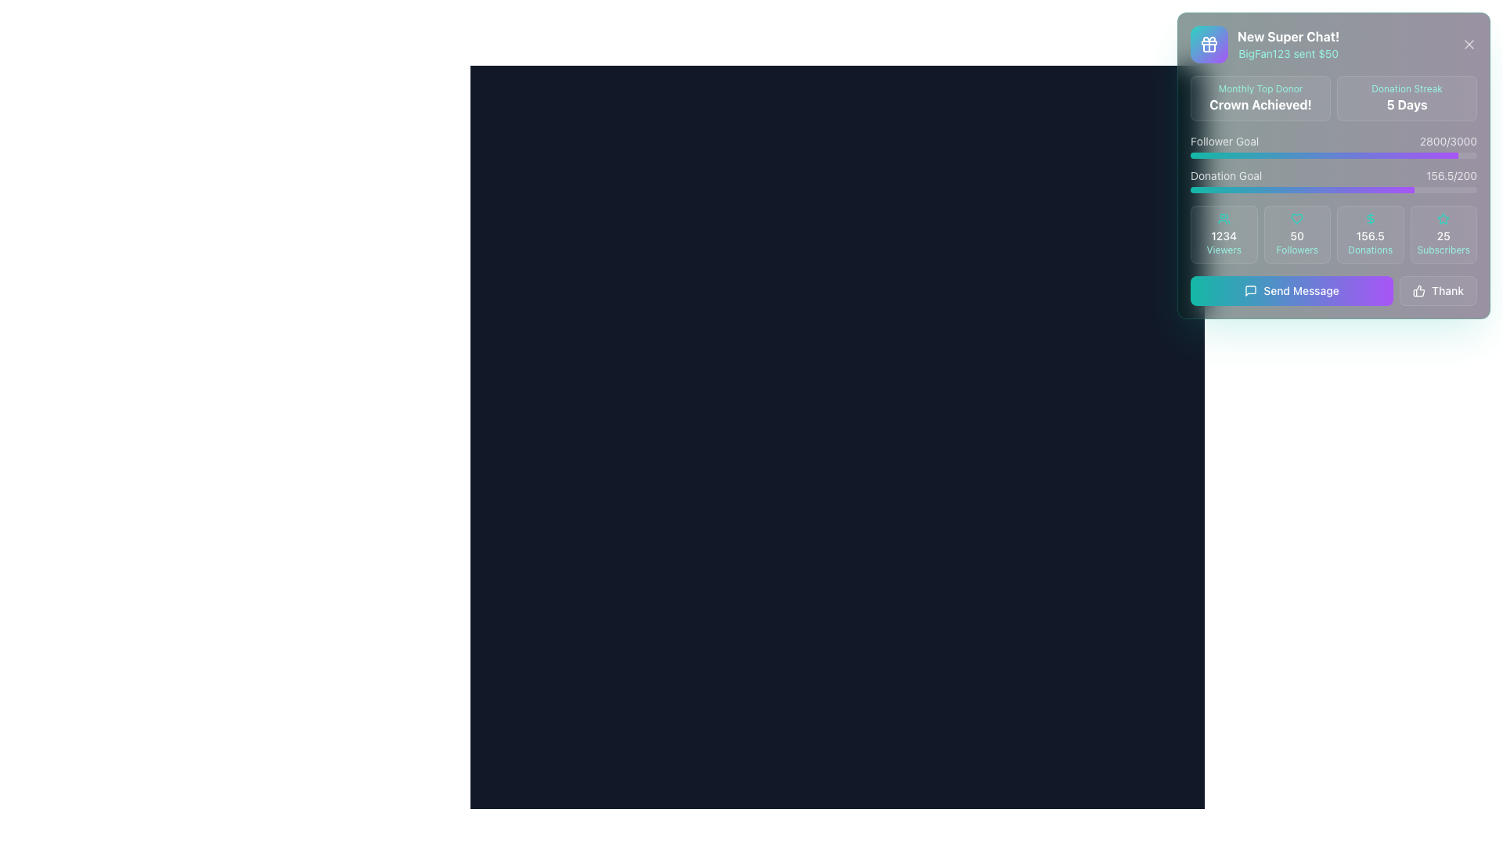 Image resolution: width=1503 pixels, height=845 pixels. I want to click on the third card in the grid layout, which features a dollar sign icon in teal and the text '156.5 Donations' prominently displayed, so click(1369, 235).